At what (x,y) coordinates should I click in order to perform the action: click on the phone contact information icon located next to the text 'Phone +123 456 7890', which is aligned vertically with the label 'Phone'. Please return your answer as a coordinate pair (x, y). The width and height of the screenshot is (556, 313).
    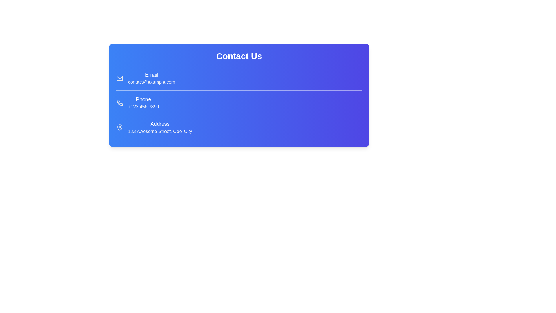
    Looking at the image, I should click on (119, 102).